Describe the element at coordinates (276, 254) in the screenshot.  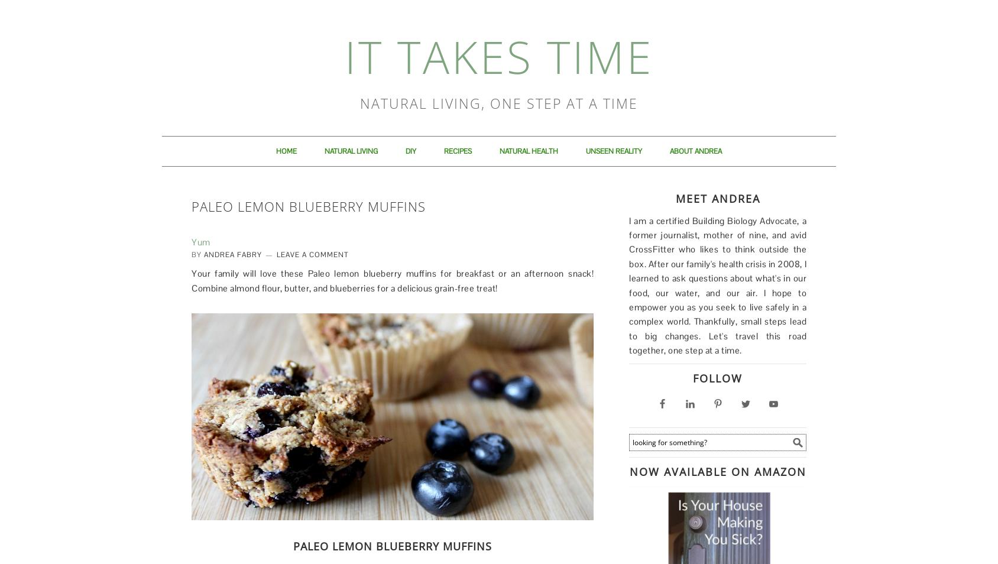
I see `'Leave a Comment'` at that location.